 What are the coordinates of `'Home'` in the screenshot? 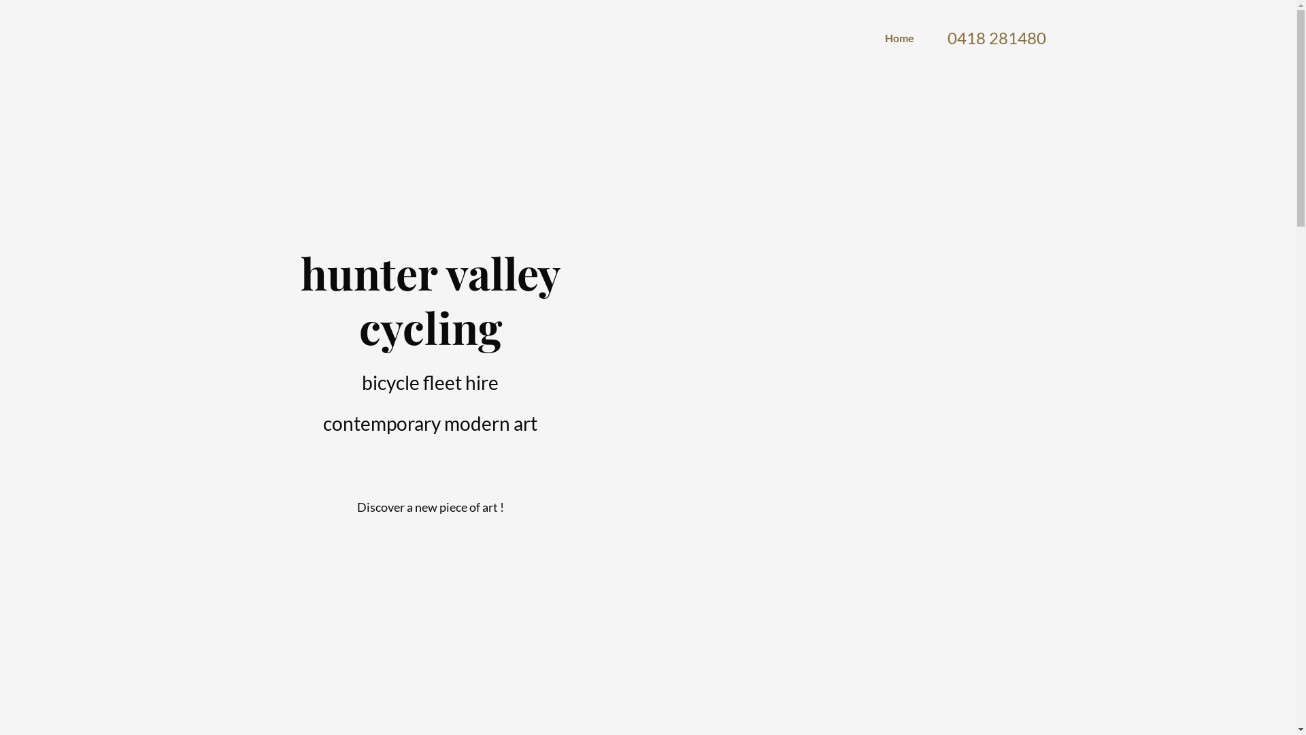 It's located at (884, 37).